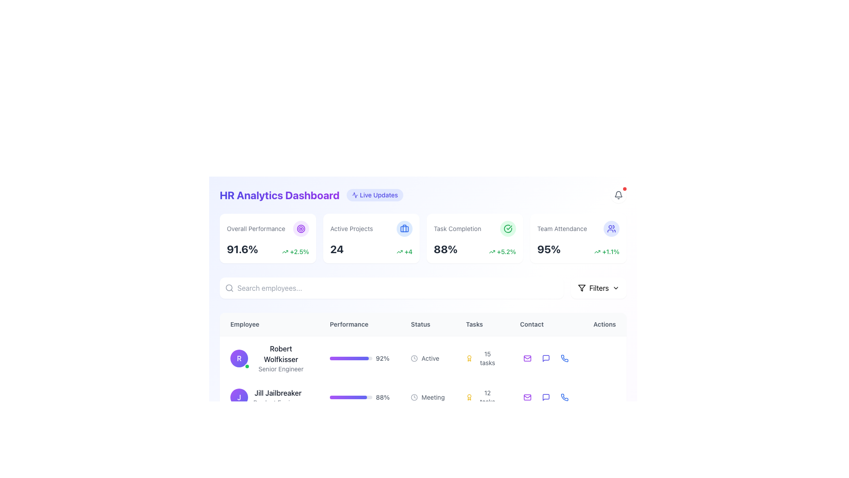 Image resolution: width=849 pixels, height=478 pixels. What do you see at coordinates (277, 397) in the screenshot?
I see `the text label displaying 'Jill Jailbreaker' and 'Product Engineer' which is located in the second row of the 'Employee' table section, directly below the entry for 'Robert Wolfkisser'` at bounding box center [277, 397].